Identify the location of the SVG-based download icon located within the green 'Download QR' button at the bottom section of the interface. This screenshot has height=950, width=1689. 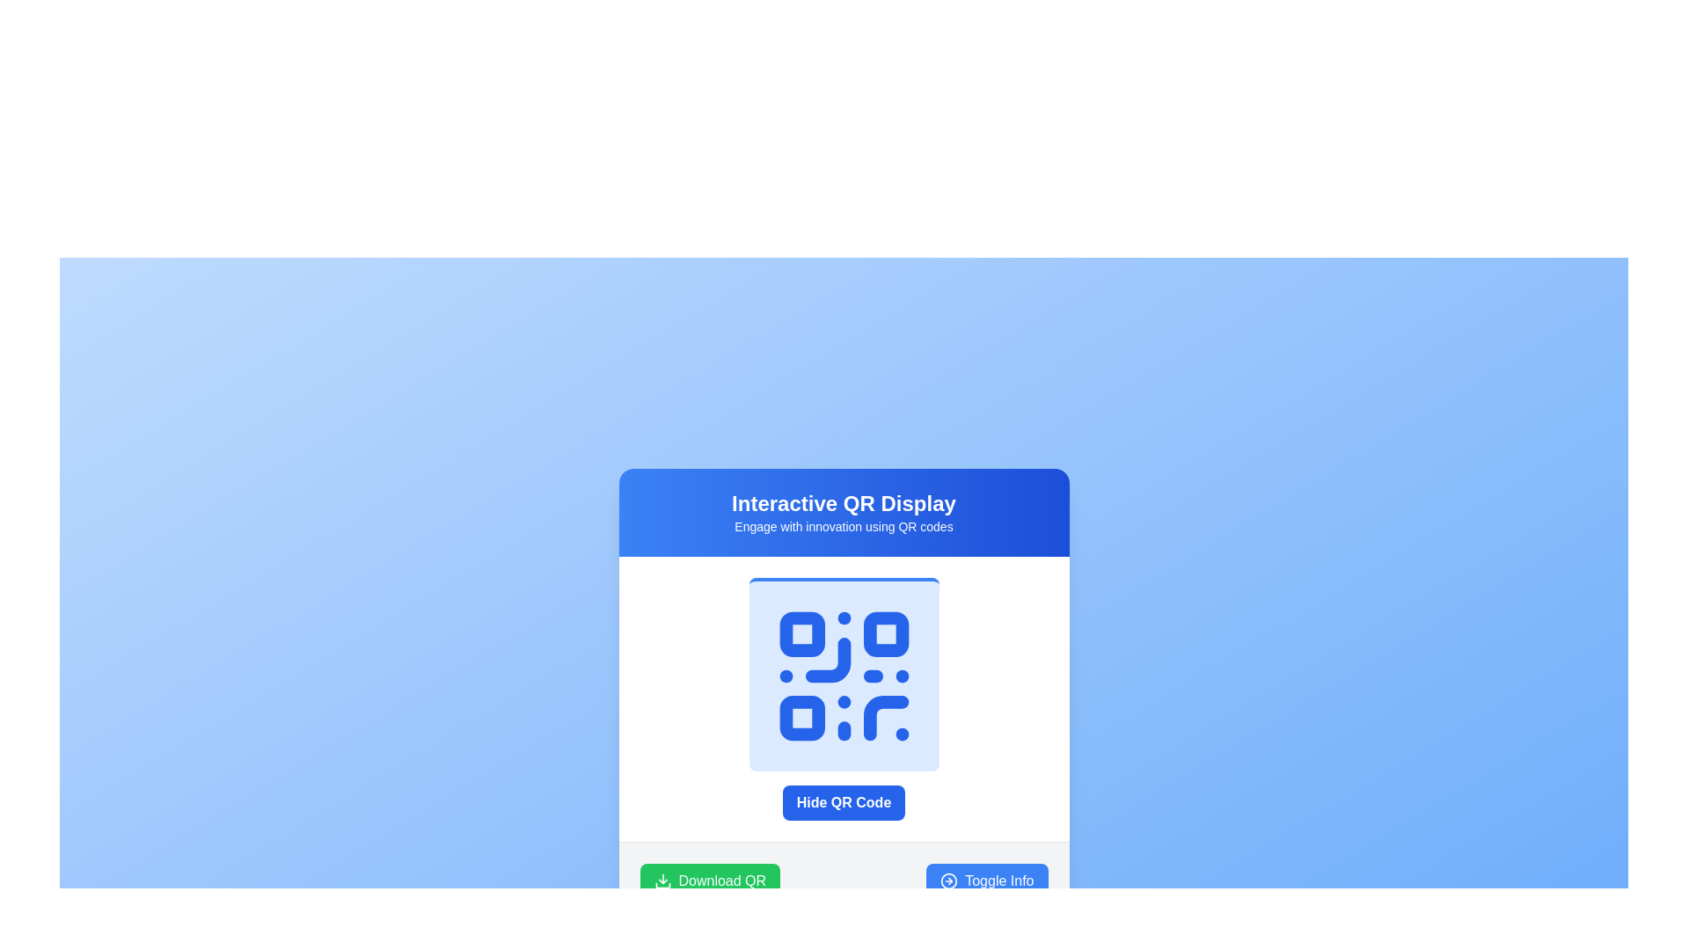
(662, 881).